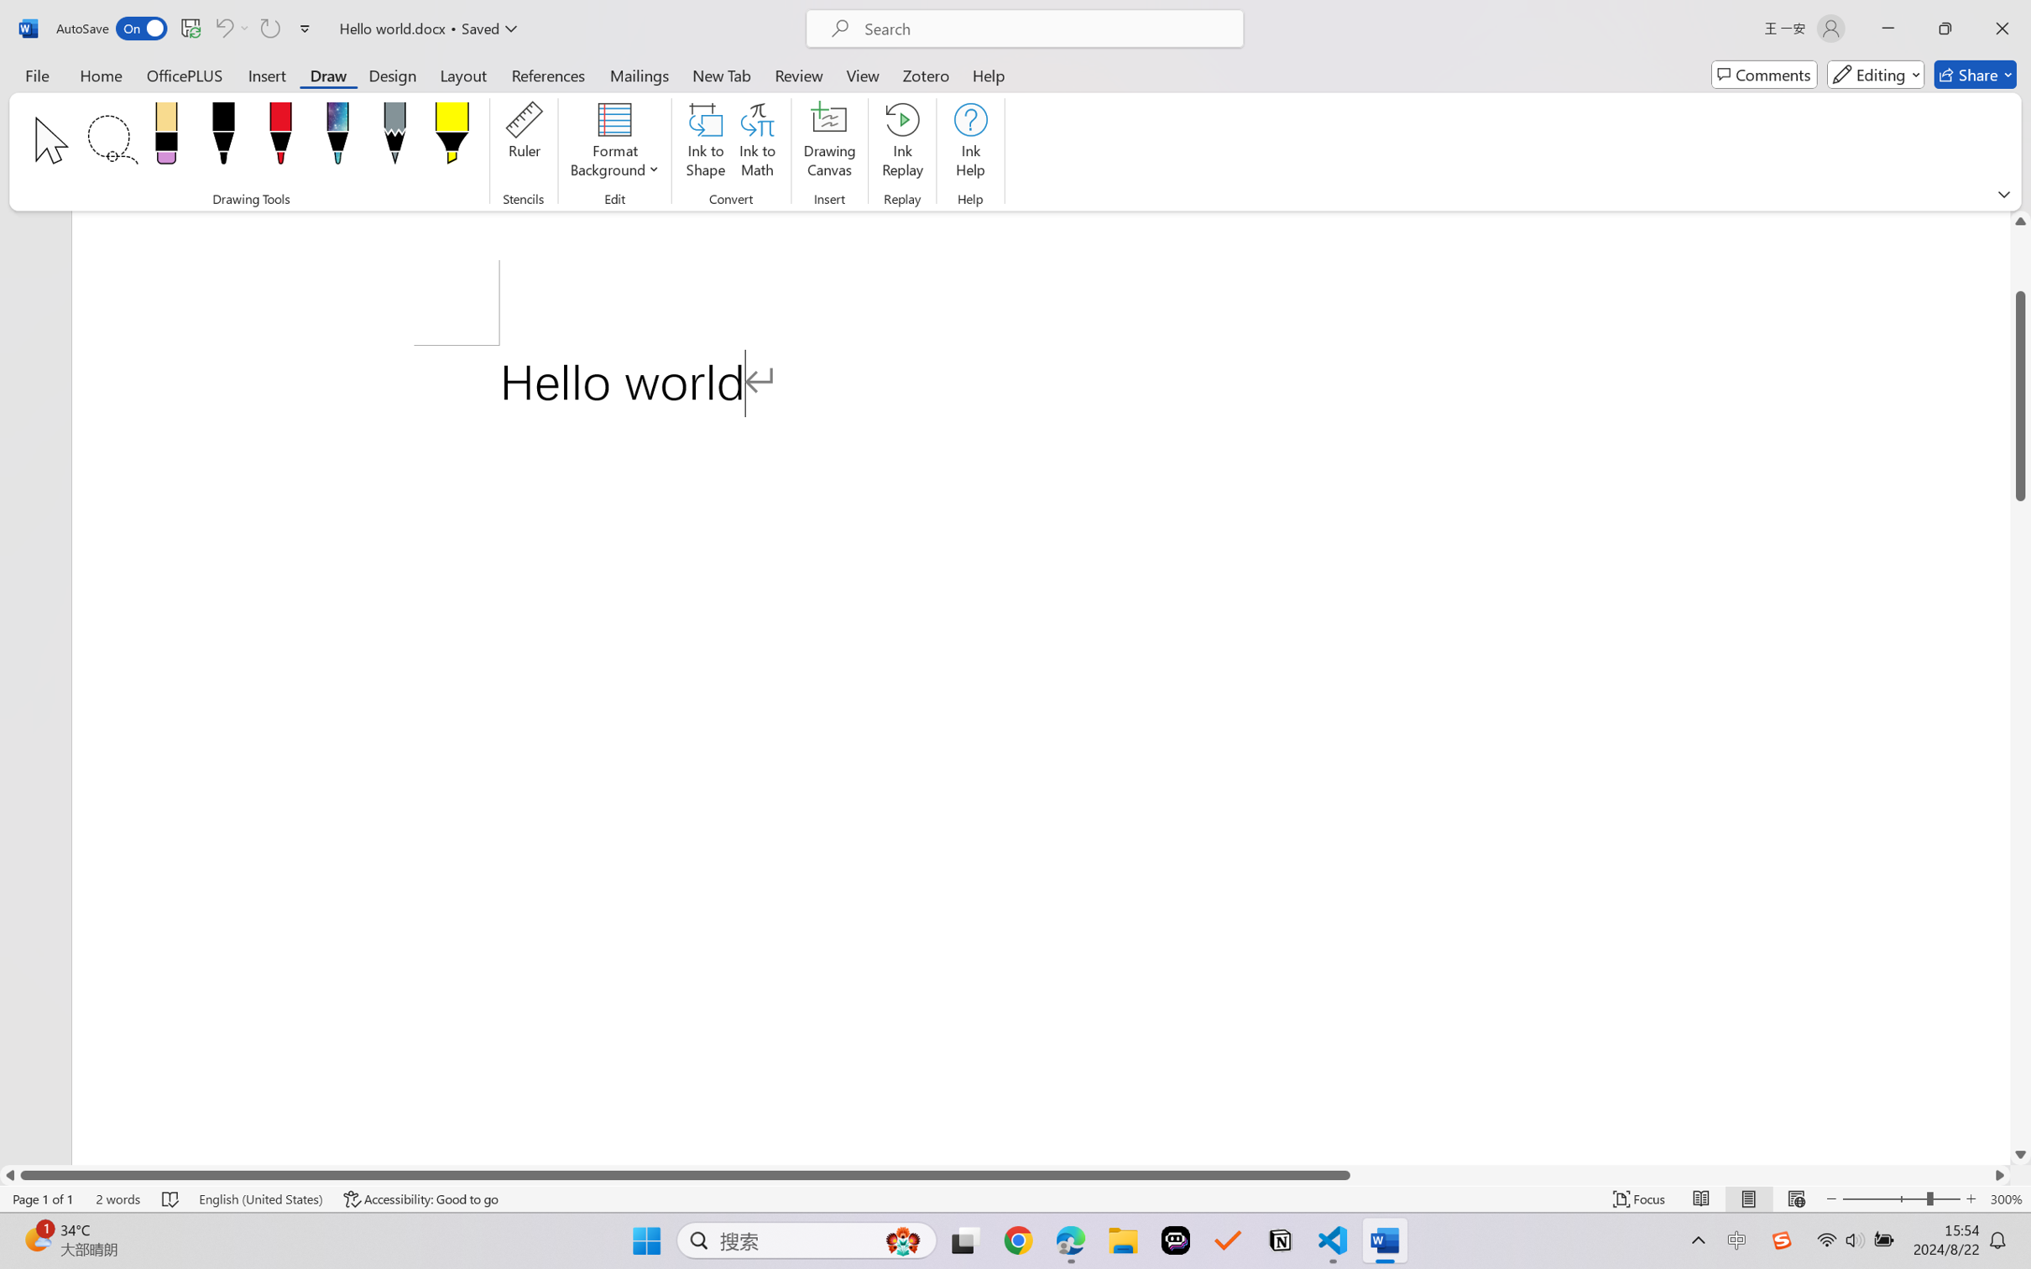  Describe the element at coordinates (1876, 74) in the screenshot. I see `'Mode'` at that location.